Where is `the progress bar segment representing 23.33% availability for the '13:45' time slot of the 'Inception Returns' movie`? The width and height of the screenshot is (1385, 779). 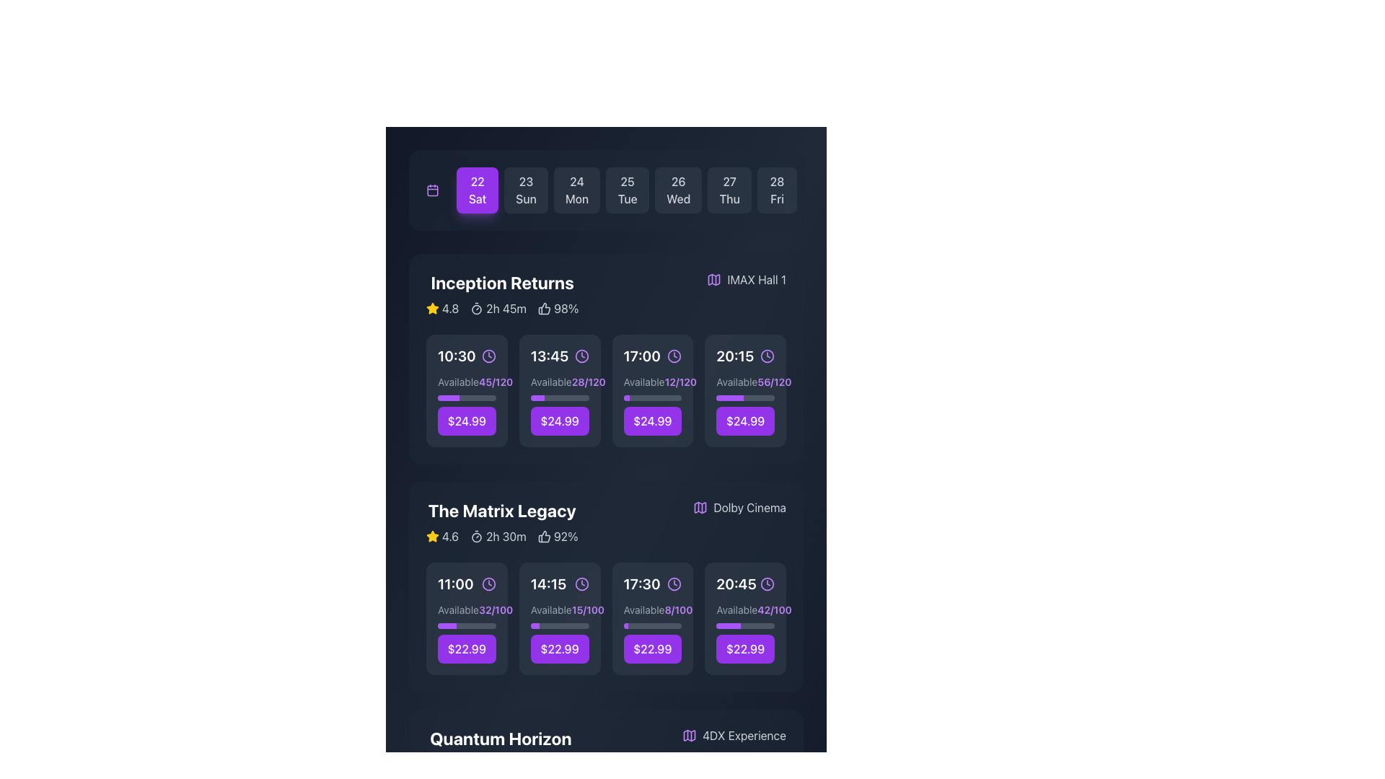
the progress bar segment representing 23.33% availability for the '13:45' time slot of the 'Inception Returns' movie is located at coordinates (537, 397).